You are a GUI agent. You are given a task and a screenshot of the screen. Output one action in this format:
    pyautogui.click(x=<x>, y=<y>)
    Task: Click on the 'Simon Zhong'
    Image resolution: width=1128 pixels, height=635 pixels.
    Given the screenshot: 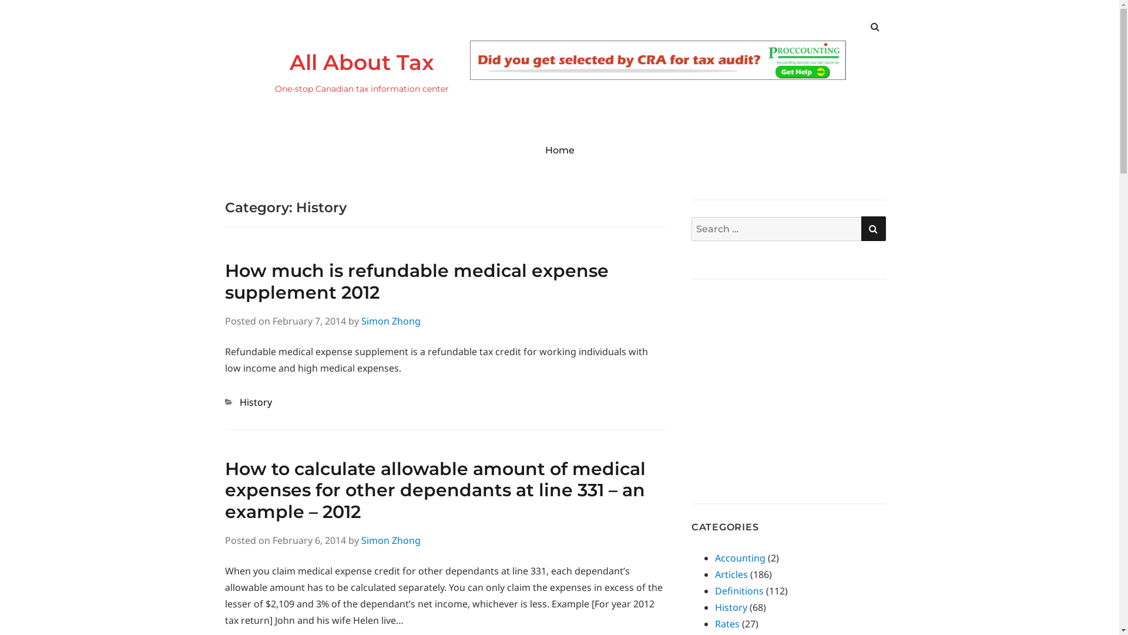 What is the action you would take?
    pyautogui.click(x=390, y=321)
    